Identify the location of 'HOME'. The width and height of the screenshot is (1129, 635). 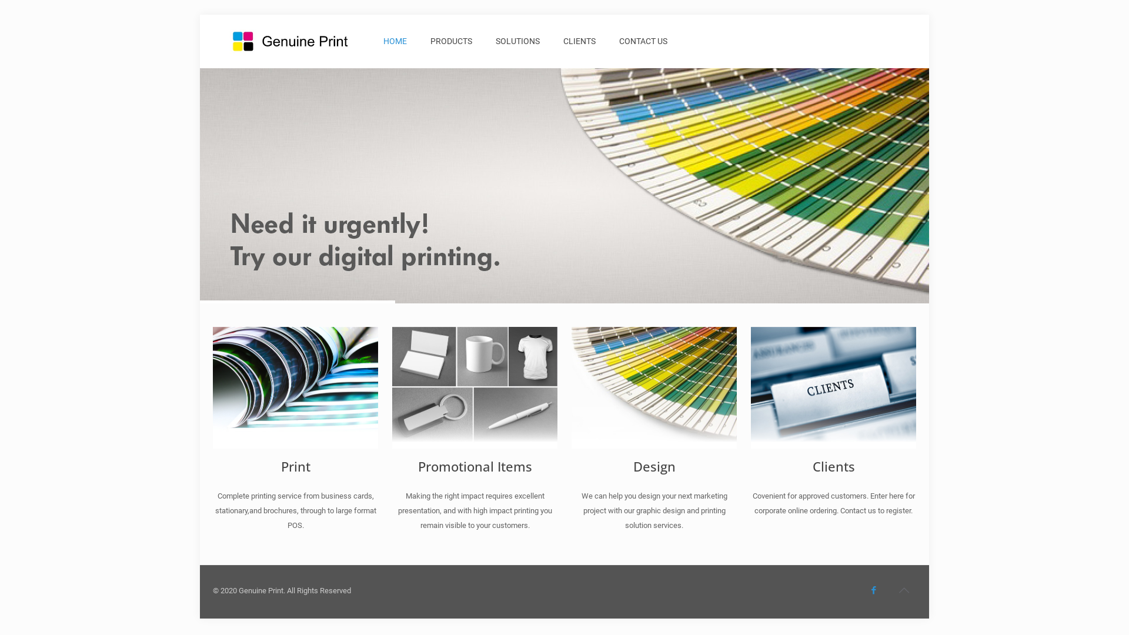
(395, 40).